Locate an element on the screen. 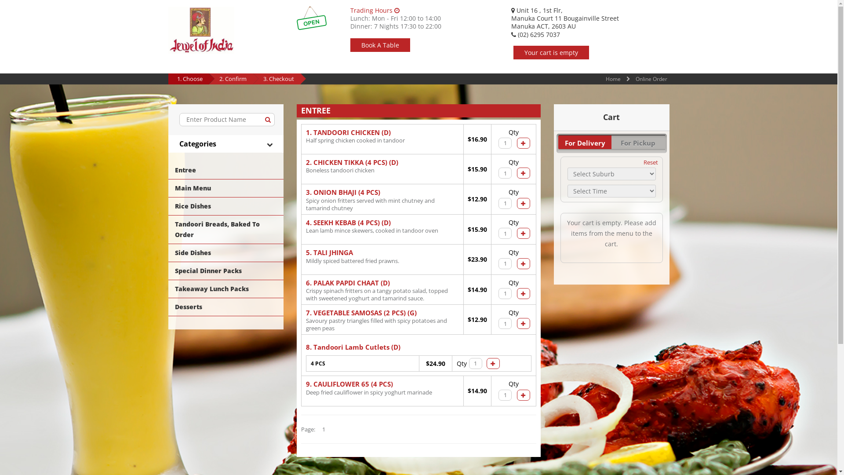 The height and width of the screenshot is (475, 844). 'Online Order' is located at coordinates (651, 78).